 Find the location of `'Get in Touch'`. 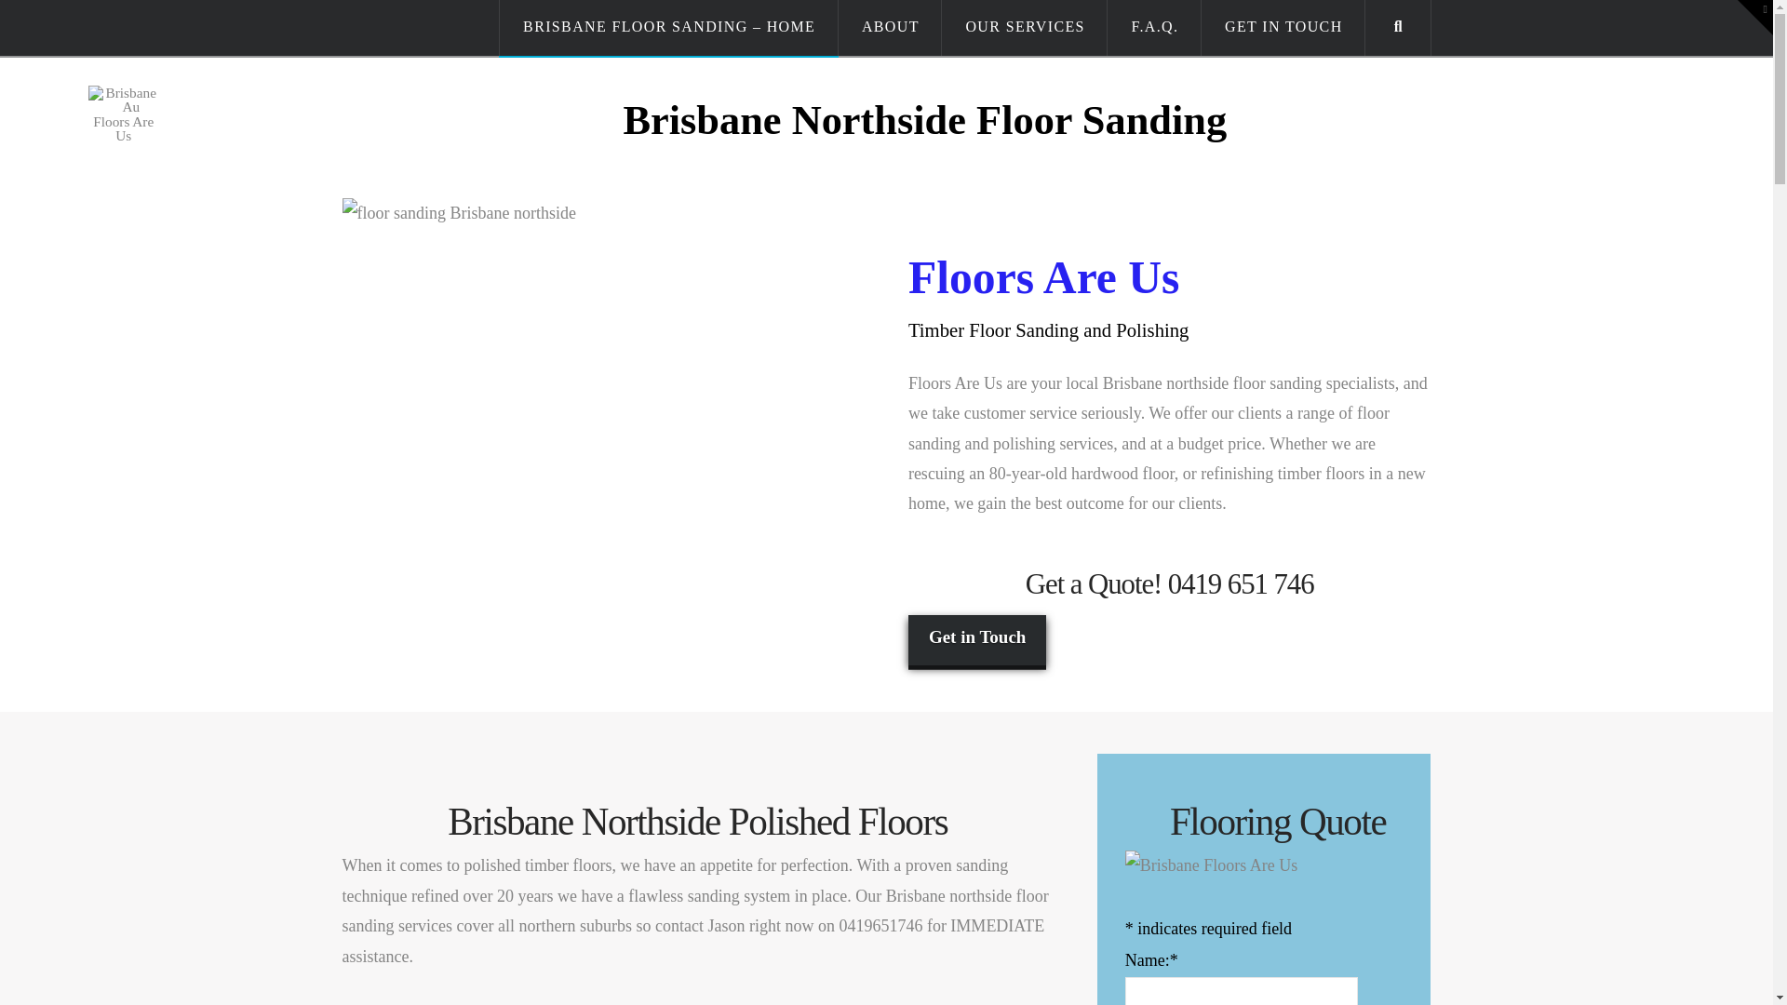

'Get in Touch' is located at coordinates (976, 638).